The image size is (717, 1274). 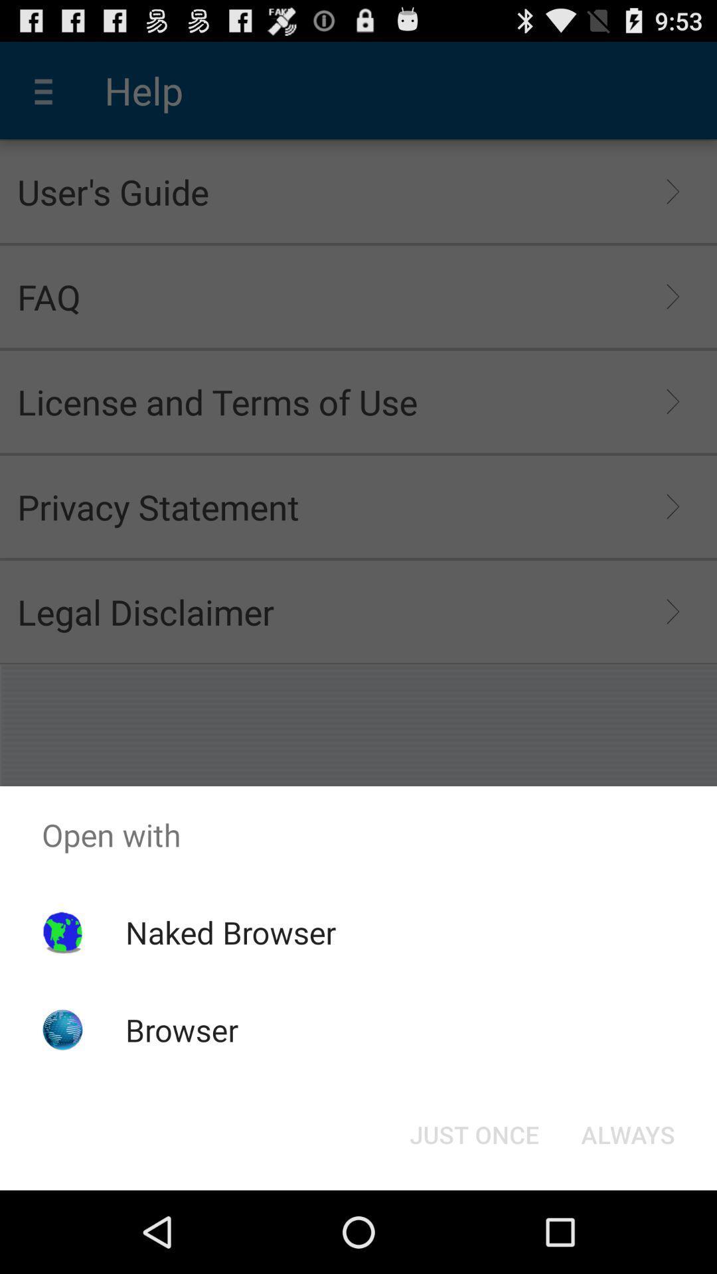 I want to click on the icon above browser app, so click(x=230, y=932).